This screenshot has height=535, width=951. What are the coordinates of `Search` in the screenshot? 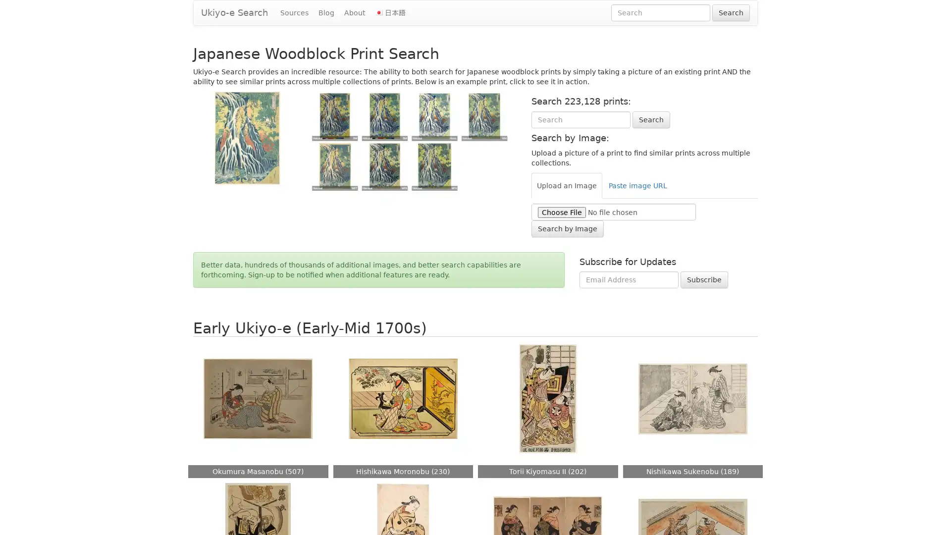 It's located at (651, 118).